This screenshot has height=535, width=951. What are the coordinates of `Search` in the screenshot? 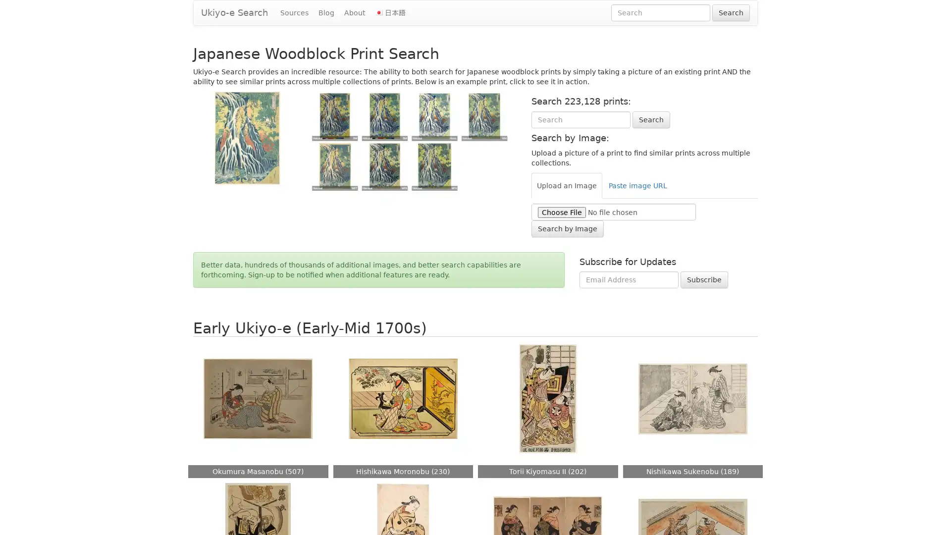 It's located at (651, 118).